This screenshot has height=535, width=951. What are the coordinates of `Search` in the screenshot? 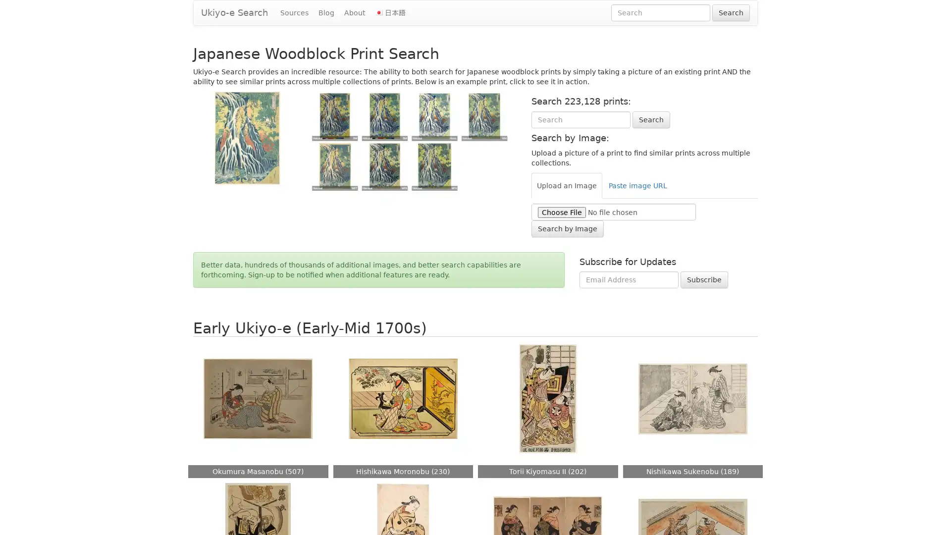 It's located at (651, 118).